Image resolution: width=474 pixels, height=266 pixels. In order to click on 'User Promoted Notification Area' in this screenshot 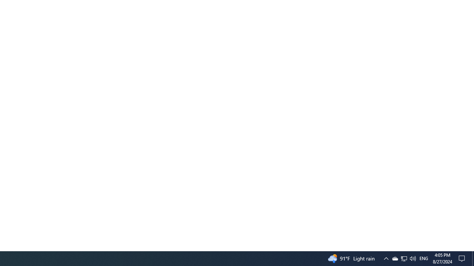, I will do `click(403, 258)`.